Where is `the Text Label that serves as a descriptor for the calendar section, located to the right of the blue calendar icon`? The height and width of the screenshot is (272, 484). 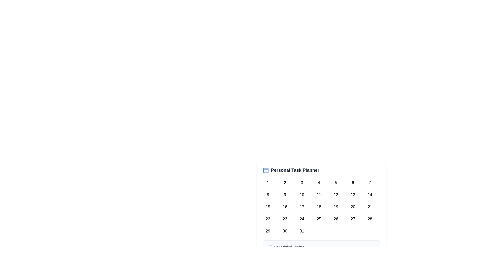 the Text Label that serves as a descriptor for the calendar section, located to the right of the blue calendar icon is located at coordinates (295, 170).